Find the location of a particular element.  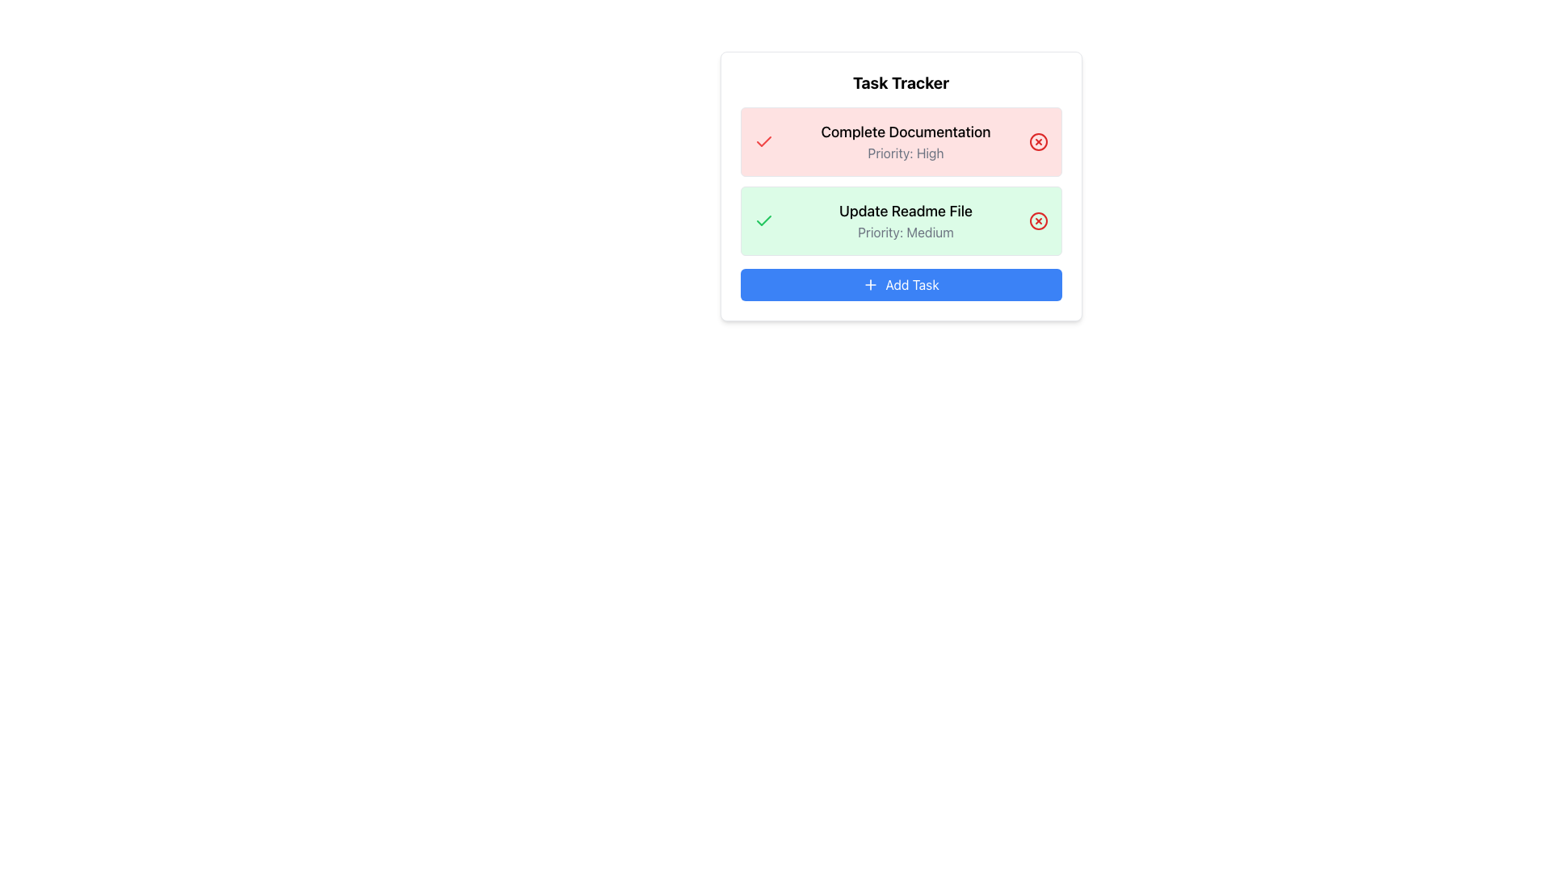

the button used to remove or close the task entry titled 'Update Readme File' with a priority of 'Medium' is located at coordinates (1038, 220).